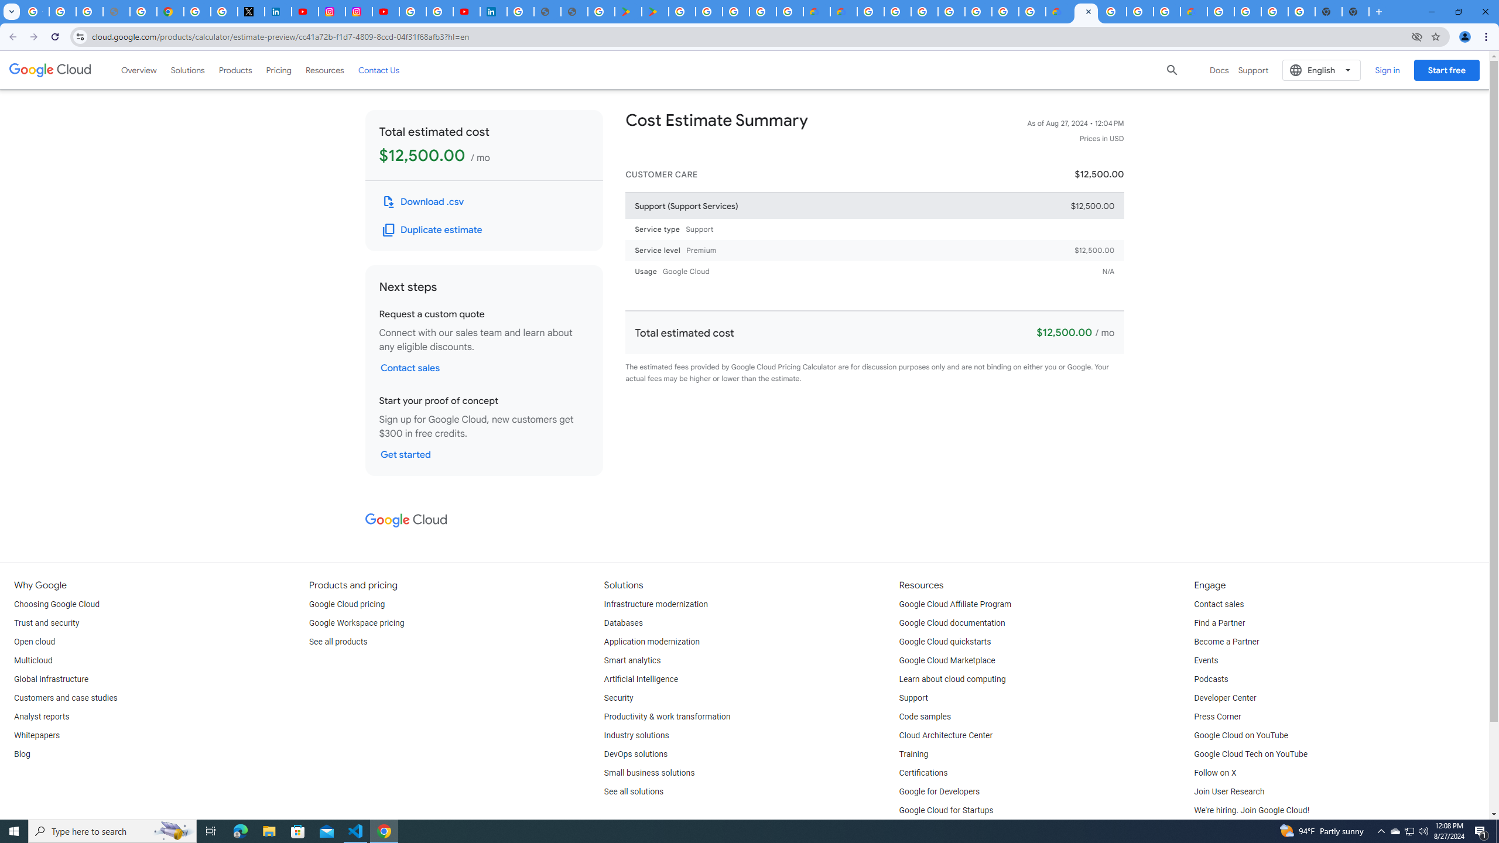 This screenshot has width=1499, height=843. What do you see at coordinates (50, 679) in the screenshot?
I see `'Global infrastructure'` at bounding box center [50, 679].